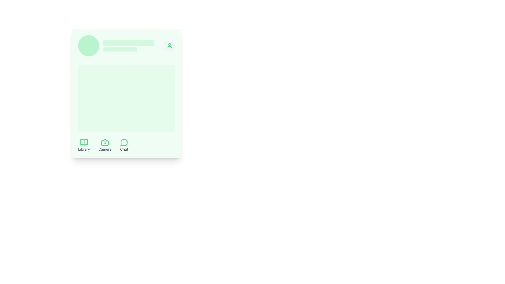 The image size is (505, 284). I want to click on the text label that indicates the purpose of the associated button, specifically the 'Library' label located at the bottom-left corner of a panel, below a green book-shaped icon, so click(84, 149).